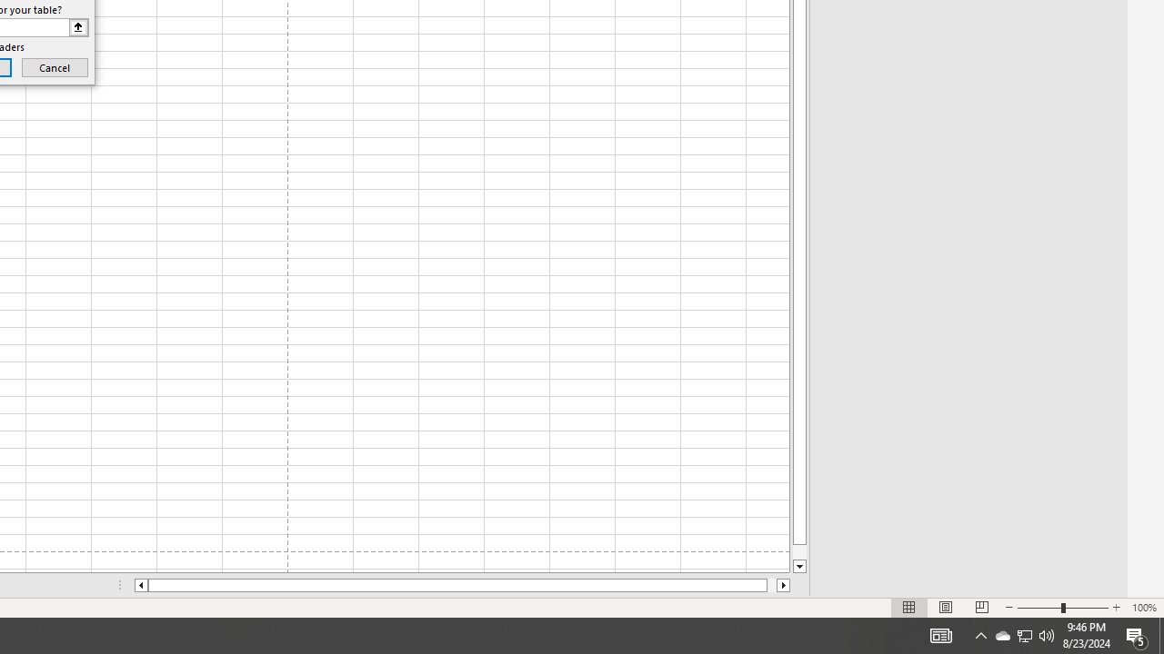 Image resolution: width=1164 pixels, height=654 pixels. I want to click on 'Page right', so click(771, 585).